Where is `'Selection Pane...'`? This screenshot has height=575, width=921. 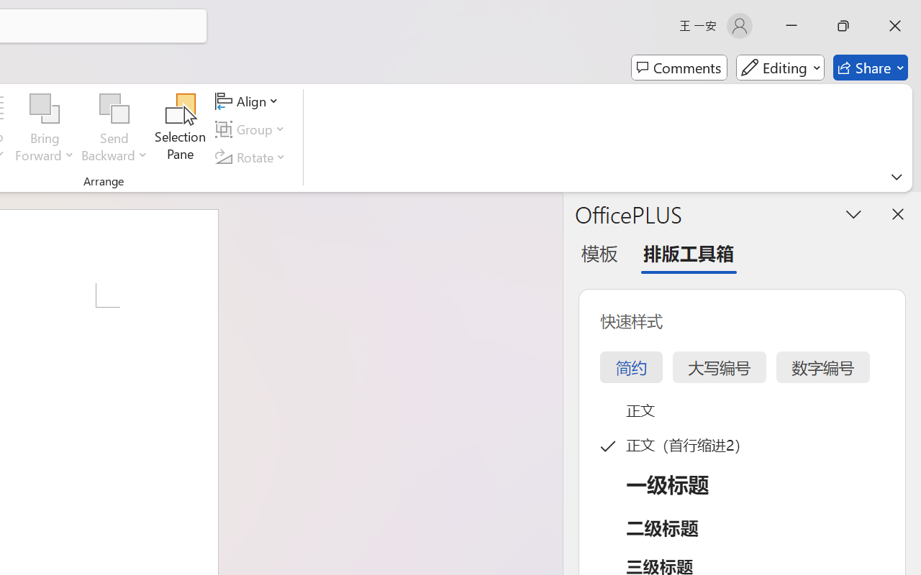
'Selection Pane...' is located at coordinates (180, 129).